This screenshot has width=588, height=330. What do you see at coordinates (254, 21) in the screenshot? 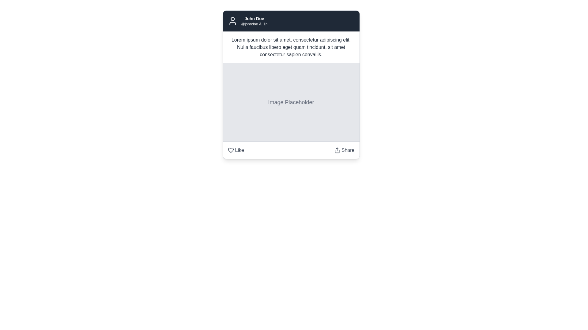
I see `the username 'John Doe' displayed in bold text located in the upper-left corner of the card layout header` at bounding box center [254, 21].